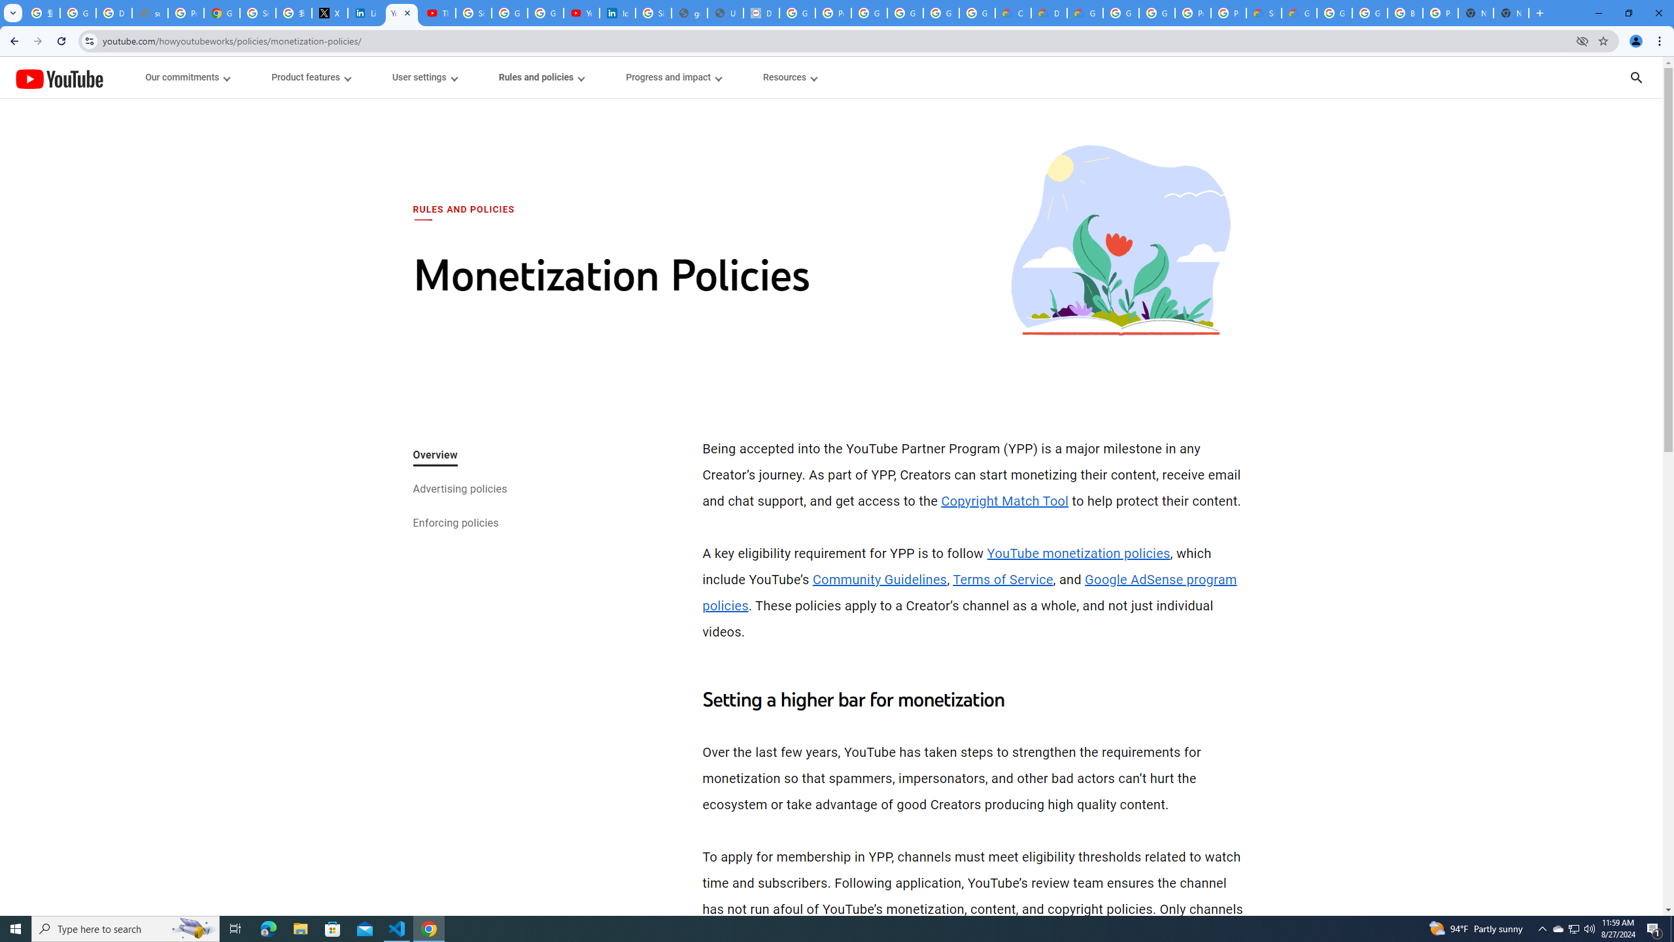  Describe the element at coordinates (330, 12) in the screenshot. I see `'X'` at that location.